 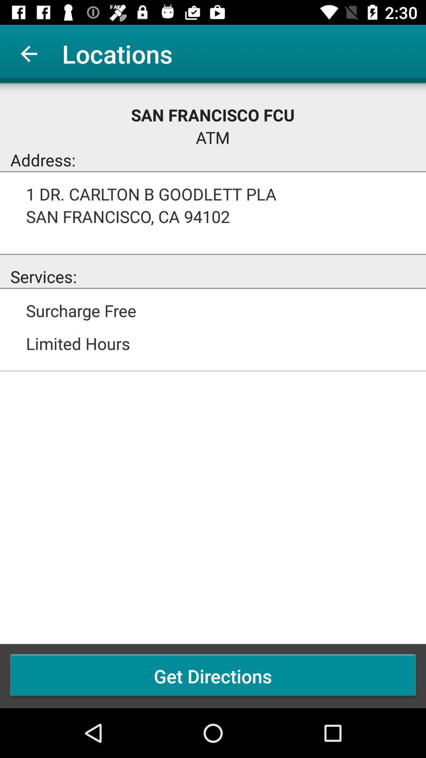 What do you see at coordinates (28, 53) in the screenshot?
I see `the app next to locations` at bounding box center [28, 53].